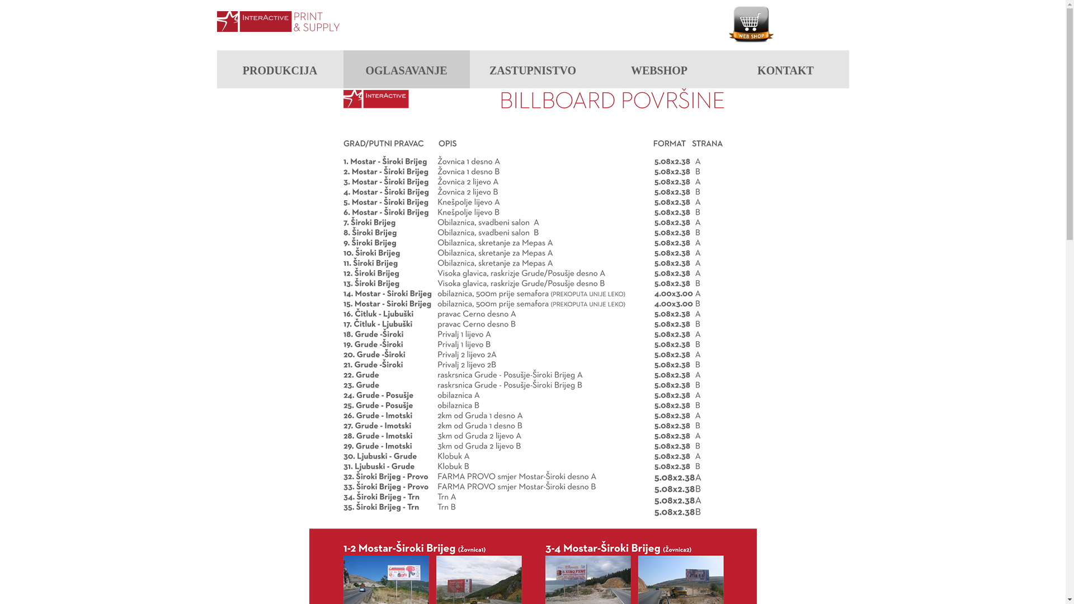  Describe the element at coordinates (280, 69) in the screenshot. I see `'PRODUKCIJA'` at that location.